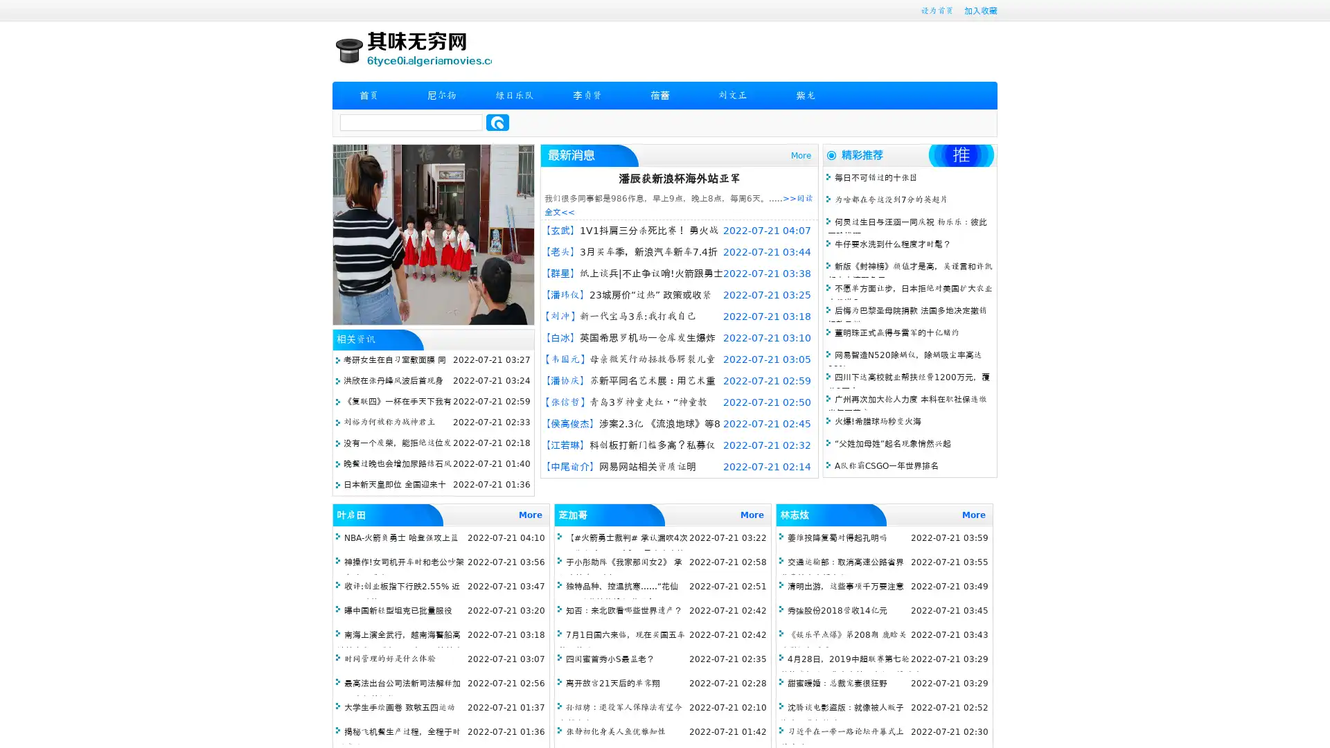 The height and width of the screenshot is (748, 1330). I want to click on Search, so click(497, 122).